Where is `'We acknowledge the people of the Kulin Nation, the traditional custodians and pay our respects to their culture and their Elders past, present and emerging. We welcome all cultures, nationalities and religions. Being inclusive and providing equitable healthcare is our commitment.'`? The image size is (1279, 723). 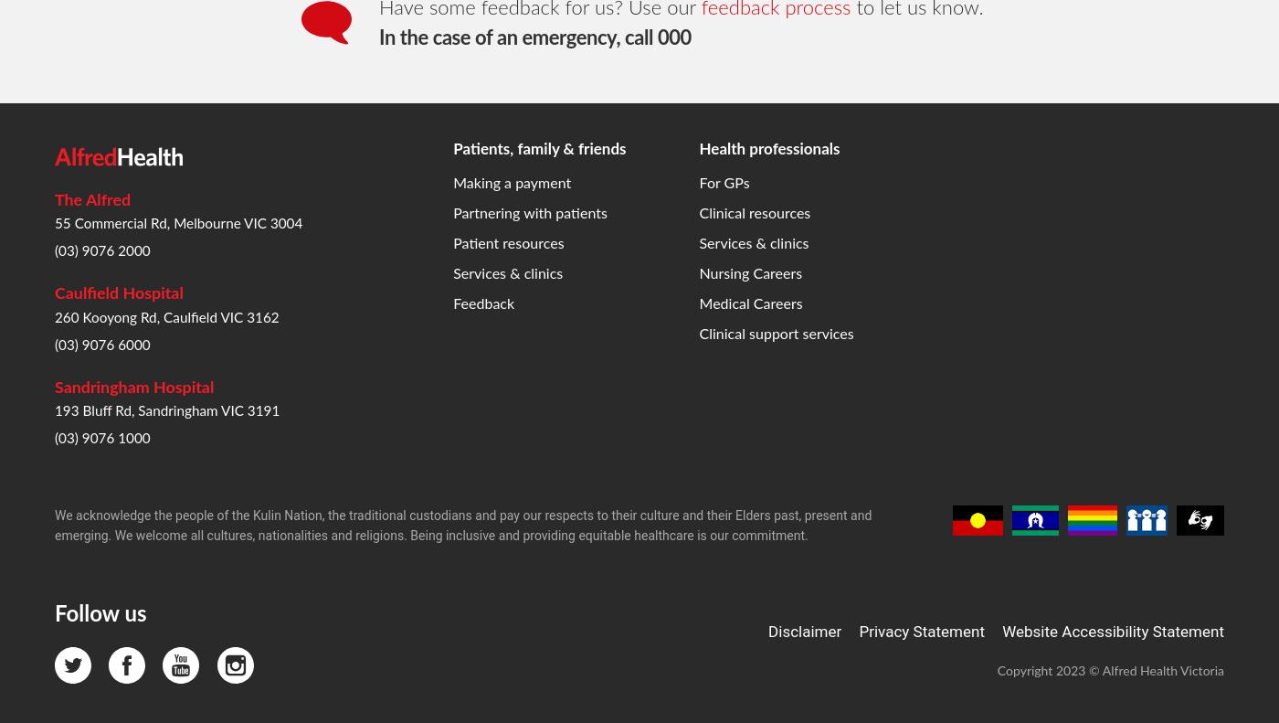 'We acknowledge the people of the Kulin Nation, the traditional custodians and pay our respects to their culture and their Elders past, present and emerging. We welcome all cultures, nationalities and religions. Being inclusive and providing equitable healthcare is our commitment.' is located at coordinates (462, 229).